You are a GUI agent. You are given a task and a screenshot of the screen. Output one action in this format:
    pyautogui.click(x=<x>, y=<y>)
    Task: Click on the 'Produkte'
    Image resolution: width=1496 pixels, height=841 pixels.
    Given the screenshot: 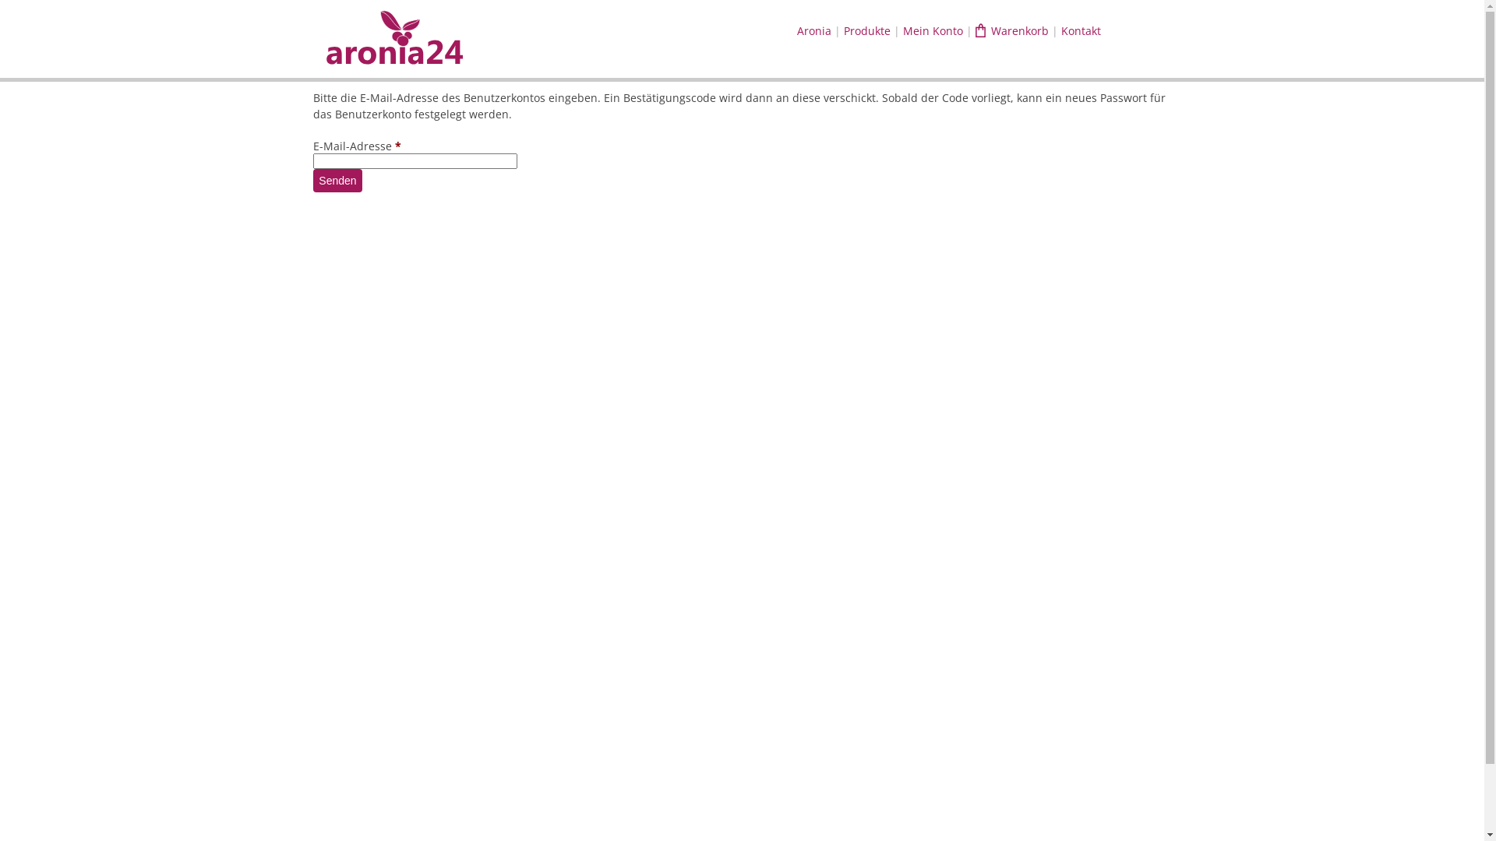 What is the action you would take?
    pyautogui.click(x=866, y=30)
    